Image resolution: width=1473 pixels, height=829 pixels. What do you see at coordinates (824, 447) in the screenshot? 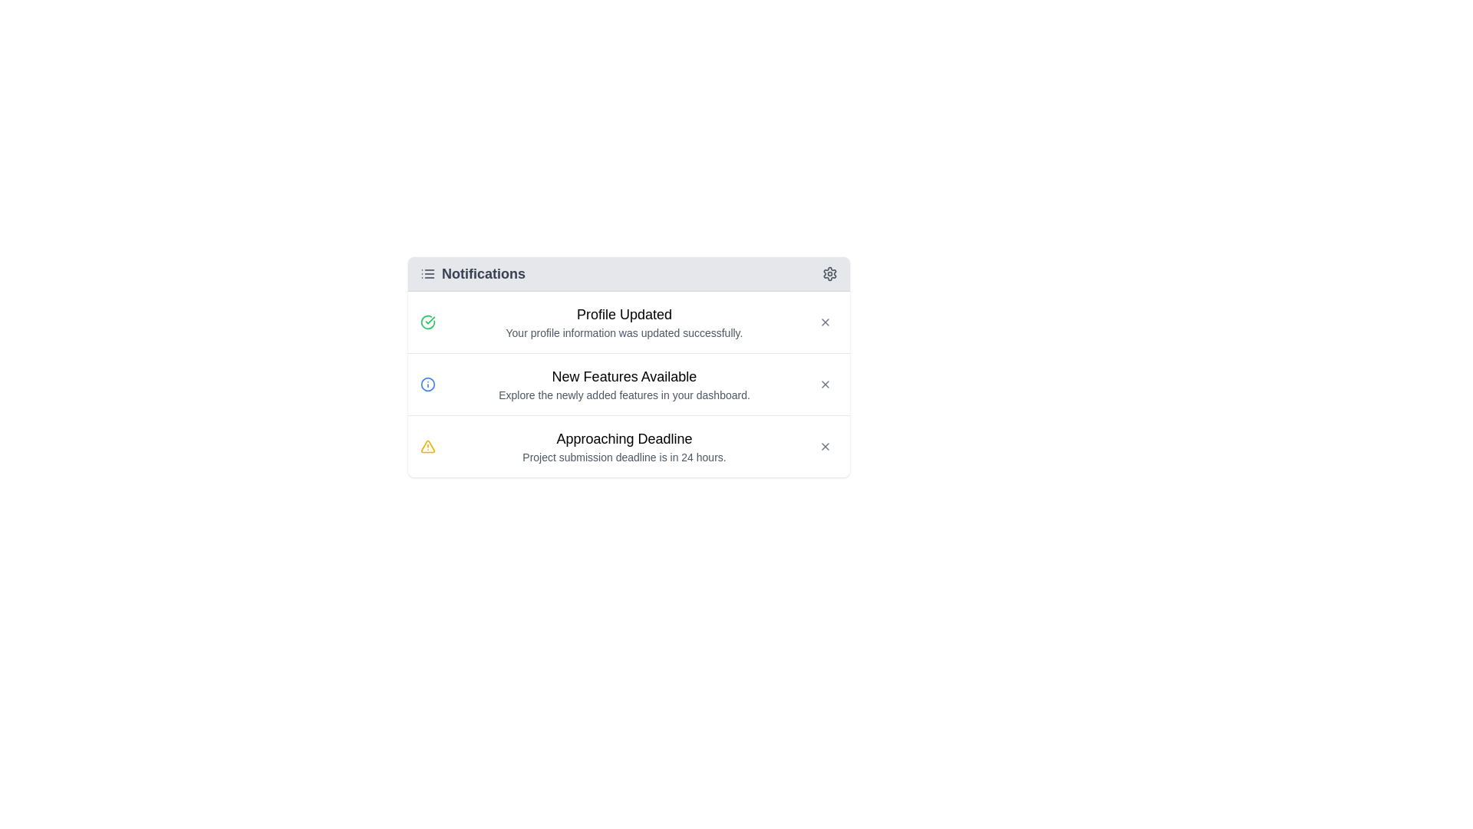
I see `the circular gray button with a central cross icon` at bounding box center [824, 447].